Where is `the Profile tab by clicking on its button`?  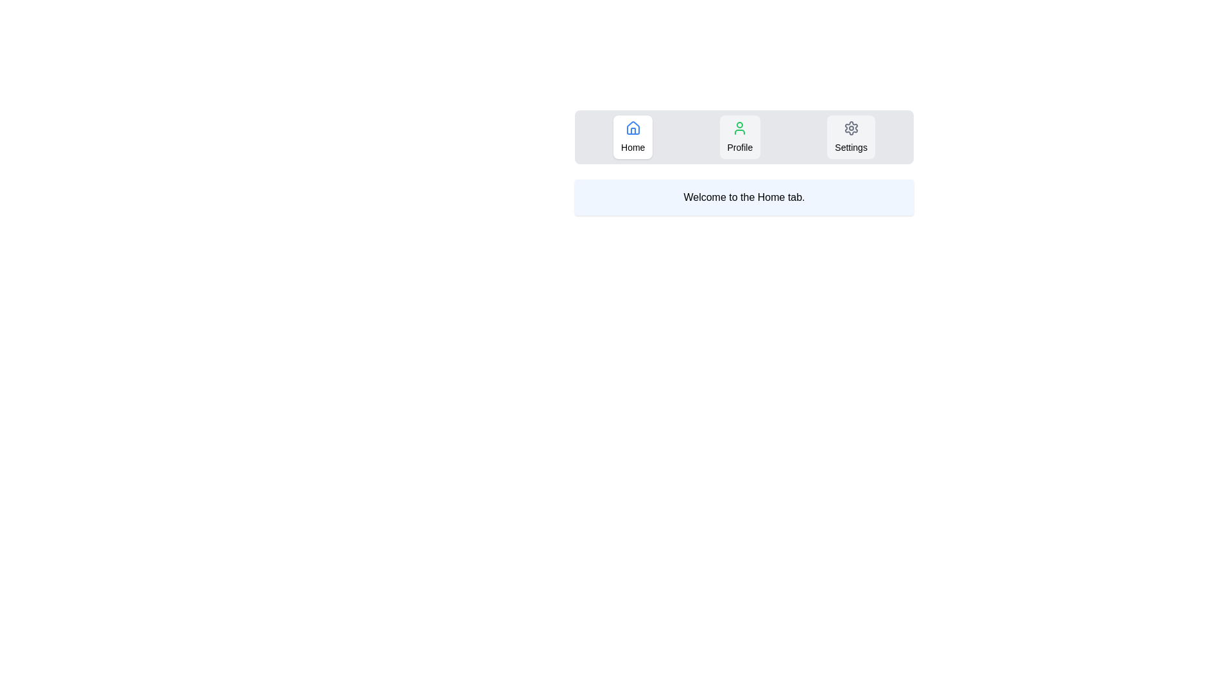 the Profile tab by clicking on its button is located at coordinates (740, 137).